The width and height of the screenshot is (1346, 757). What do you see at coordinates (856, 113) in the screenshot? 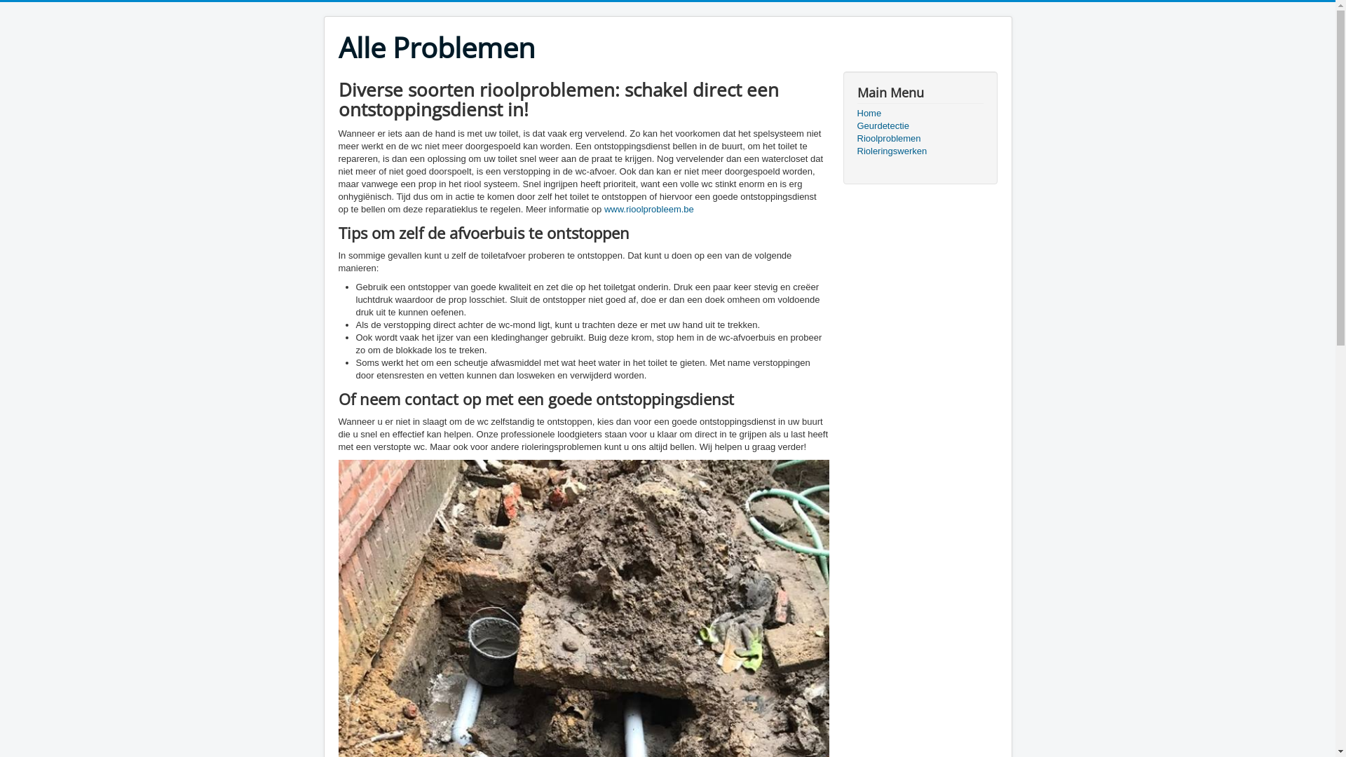
I see `'Home'` at bounding box center [856, 113].